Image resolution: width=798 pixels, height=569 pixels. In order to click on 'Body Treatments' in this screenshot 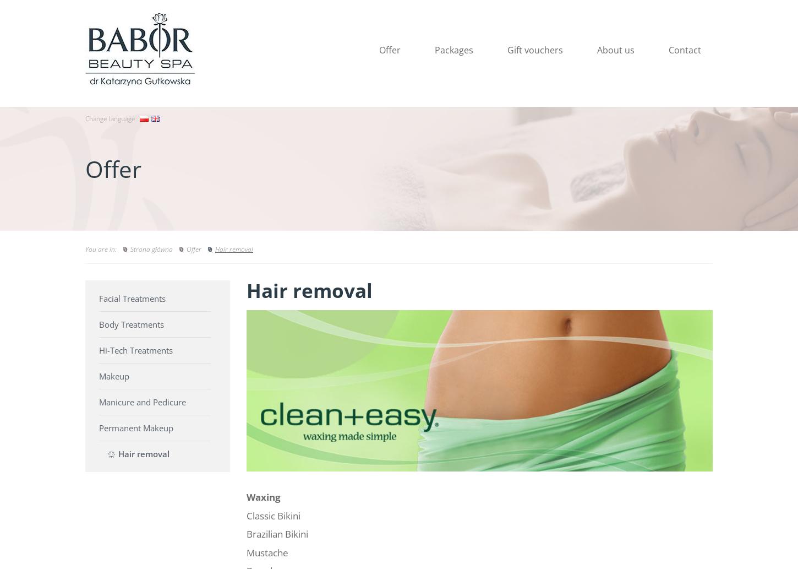, I will do `click(130, 324)`.